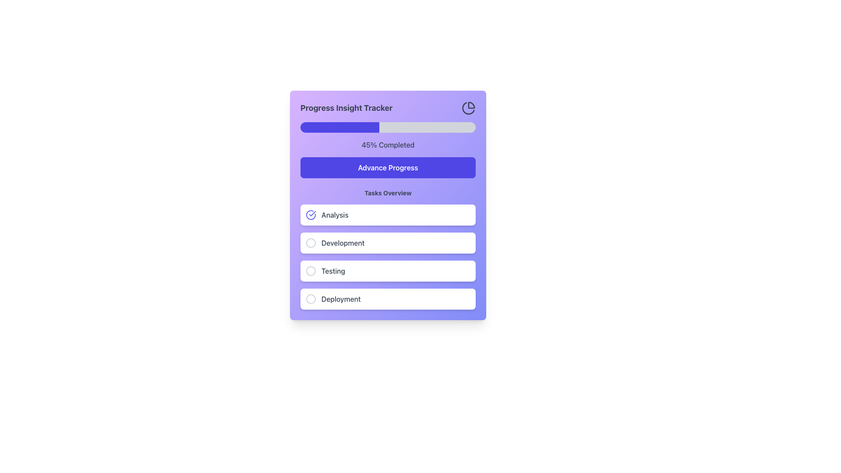 This screenshot has height=473, width=841. What do you see at coordinates (333, 270) in the screenshot?
I see `the Text Label that describes the task, positioned as the third item in a vertical list between 'Development' and 'Deployment' within a white rectangular card with rounded corners` at bounding box center [333, 270].